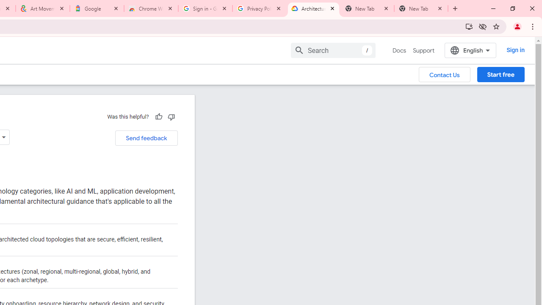  I want to click on 'Google', so click(97, 8).